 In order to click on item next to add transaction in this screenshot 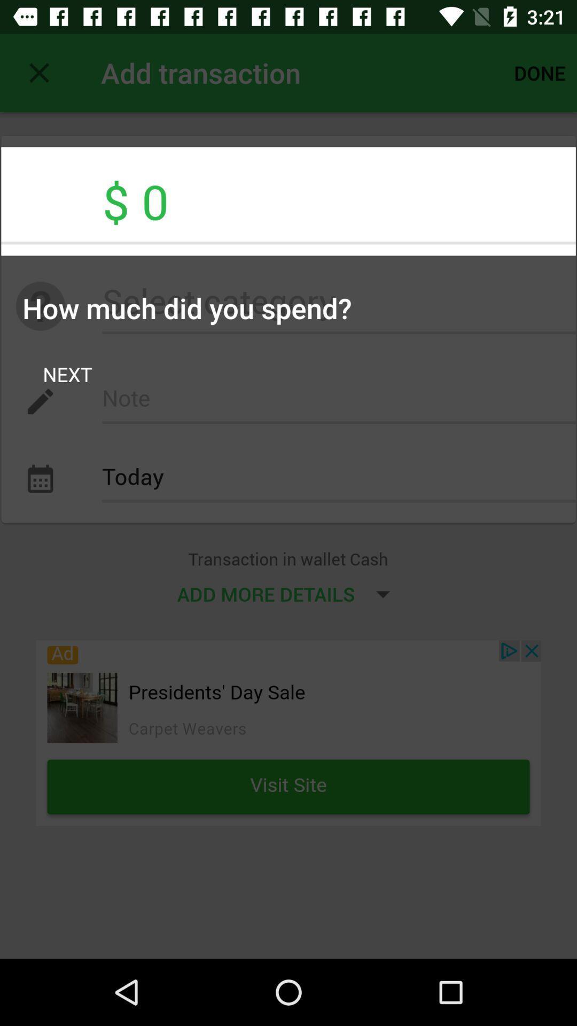, I will do `click(38, 72)`.